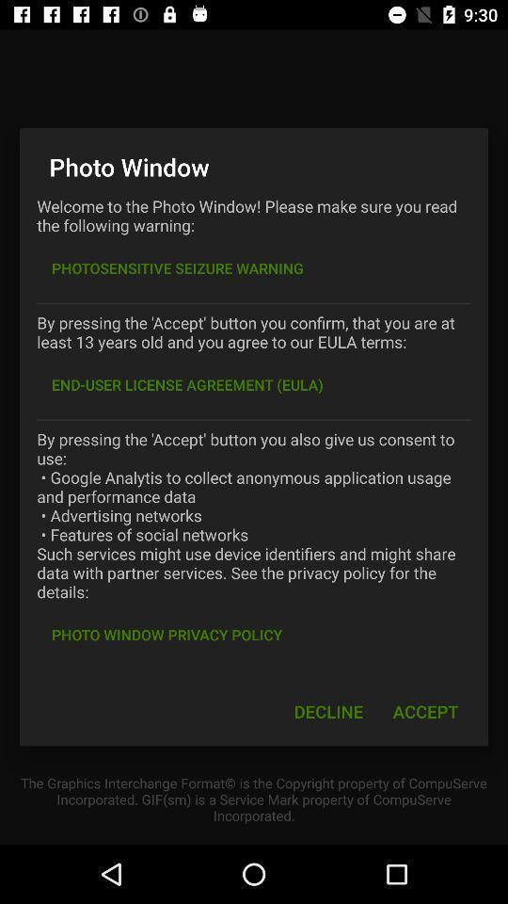 The image size is (508, 904). I want to click on the item next to the accept item, so click(327, 710).